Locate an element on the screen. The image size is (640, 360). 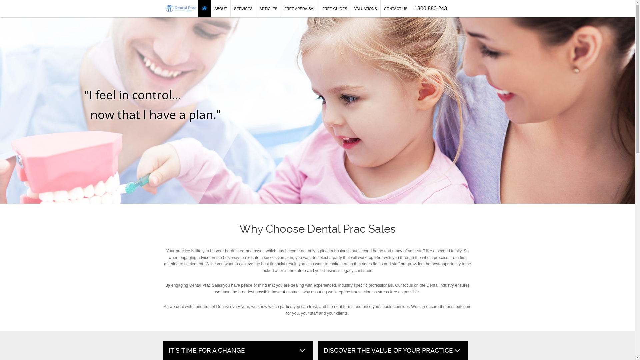
'ARTICLES' is located at coordinates (269, 9).